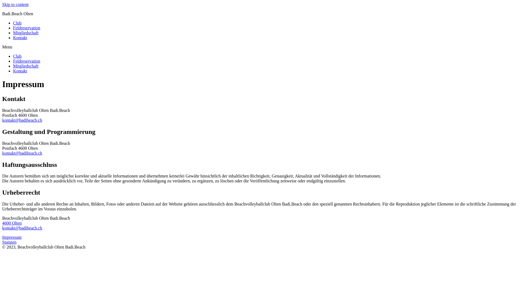  Describe the element at coordinates (2, 4) in the screenshot. I see `'Skip to content'` at that location.